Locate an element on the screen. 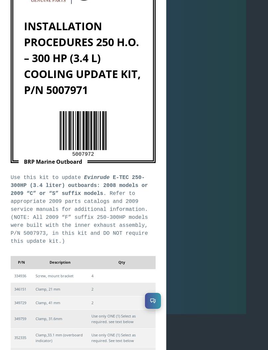  '349759' is located at coordinates (20, 318).